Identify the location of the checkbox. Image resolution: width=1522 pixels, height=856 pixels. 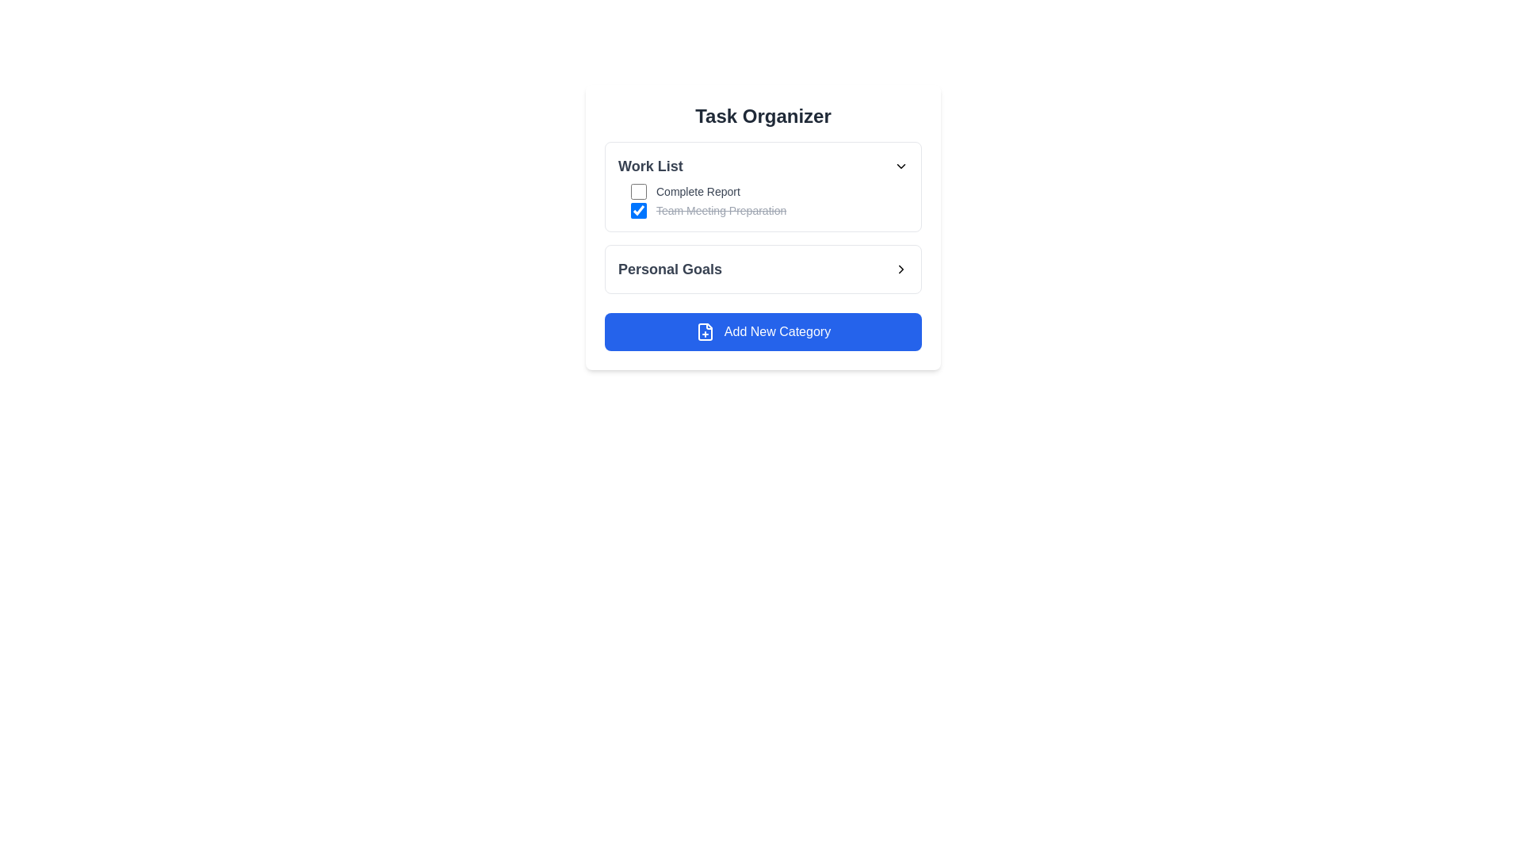
(639, 210).